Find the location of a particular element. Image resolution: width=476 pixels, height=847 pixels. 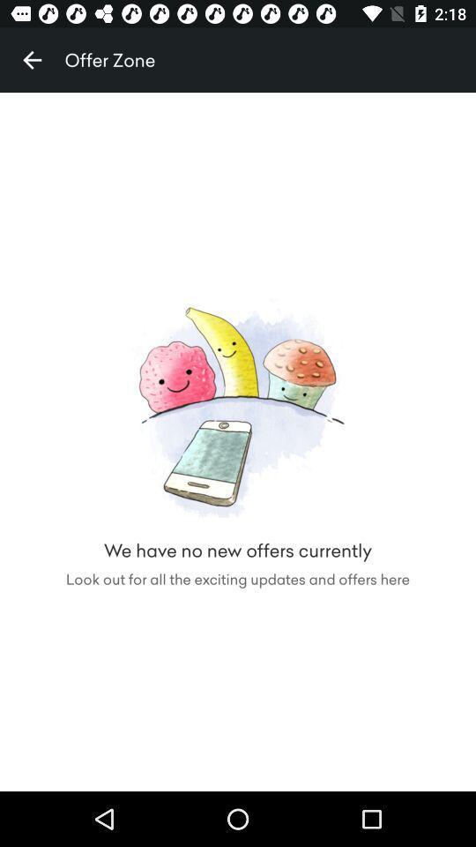

the item next to the offer zone icon is located at coordinates (32, 60).